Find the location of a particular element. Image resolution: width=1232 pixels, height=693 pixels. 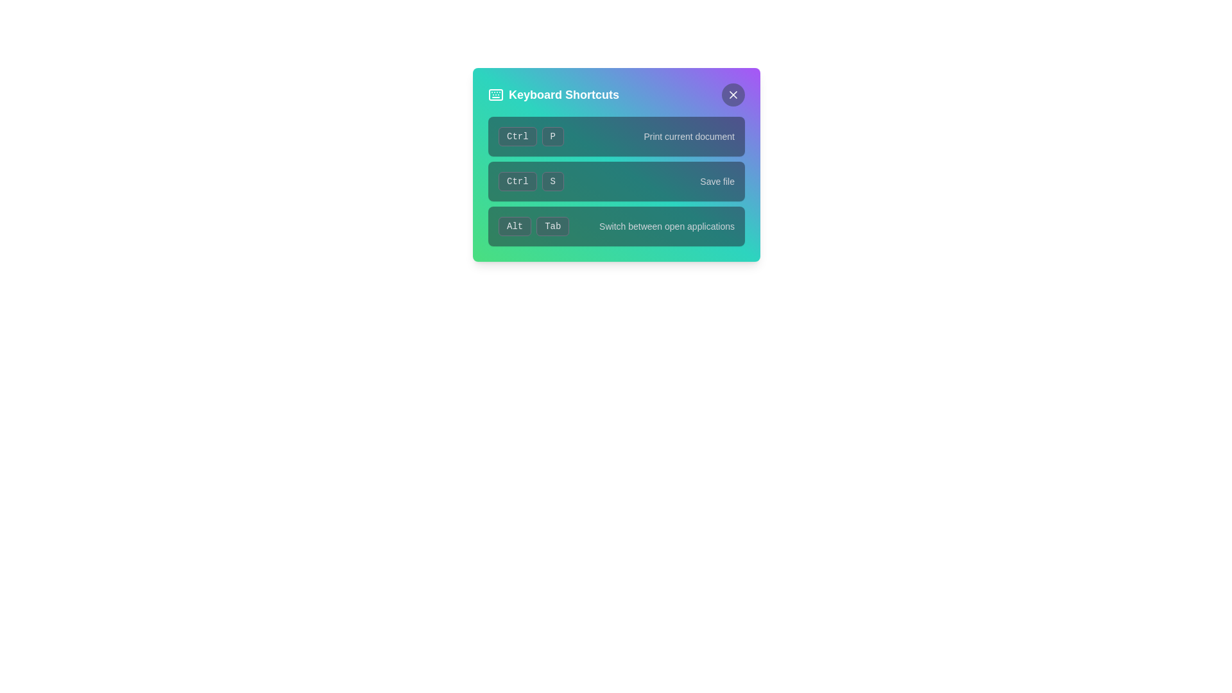

the keyboard shortcut key indicator button located in the first row of shortcut keys, adjacent to the 'Ctrl' button on its left is located at coordinates (552, 136).